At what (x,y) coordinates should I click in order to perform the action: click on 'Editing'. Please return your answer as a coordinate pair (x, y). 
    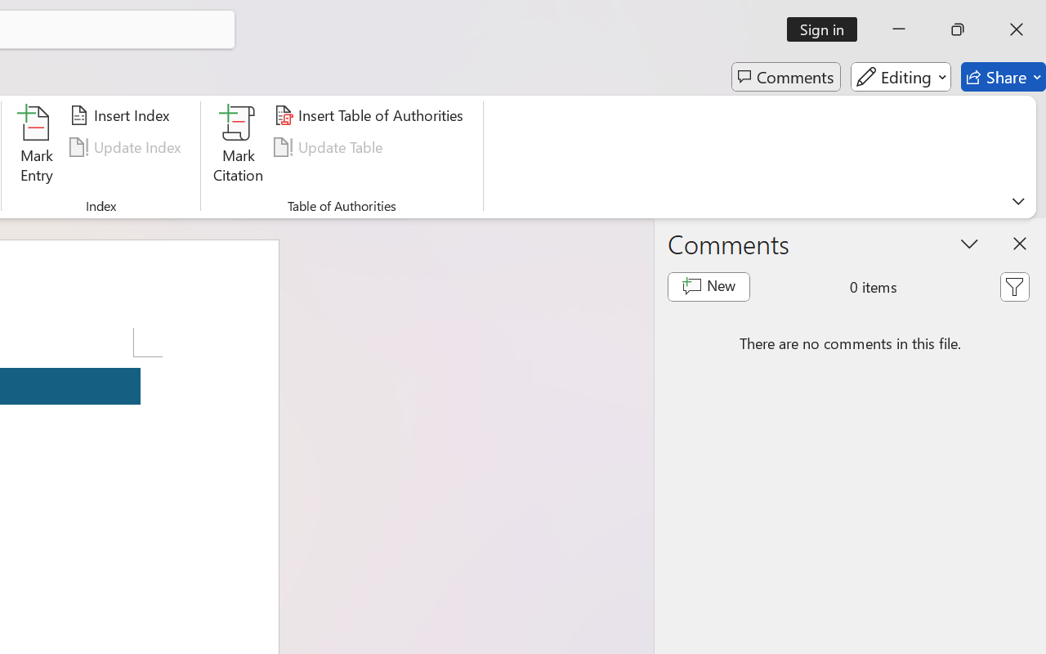
    Looking at the image, I should click on (900, 77).